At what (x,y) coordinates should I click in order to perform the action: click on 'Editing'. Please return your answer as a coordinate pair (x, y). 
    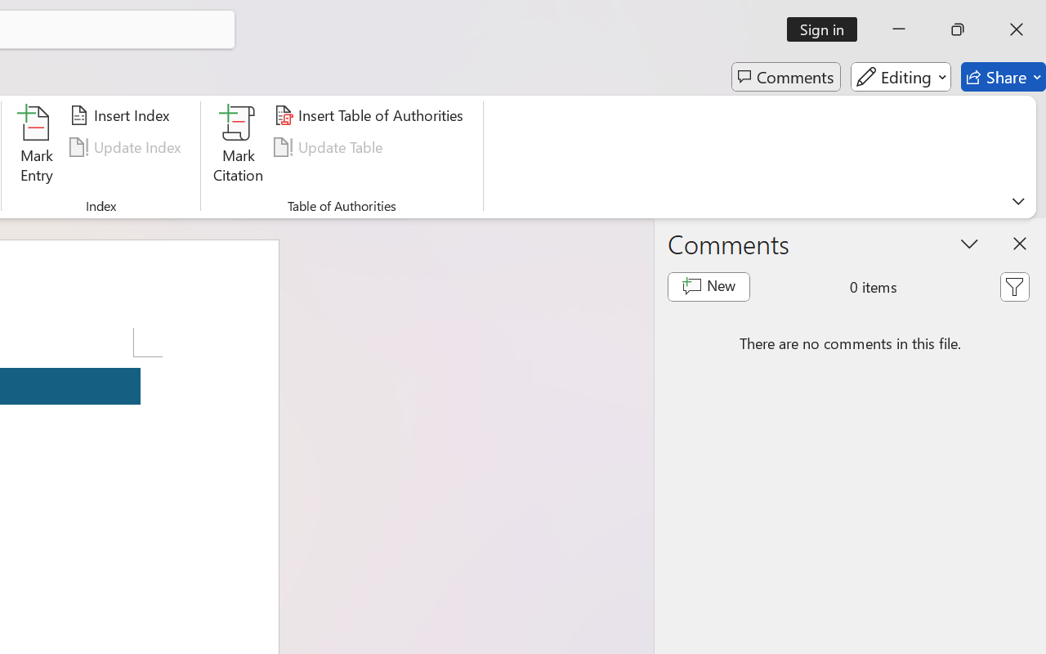
    Looking at the image, I should click on (900, 77).